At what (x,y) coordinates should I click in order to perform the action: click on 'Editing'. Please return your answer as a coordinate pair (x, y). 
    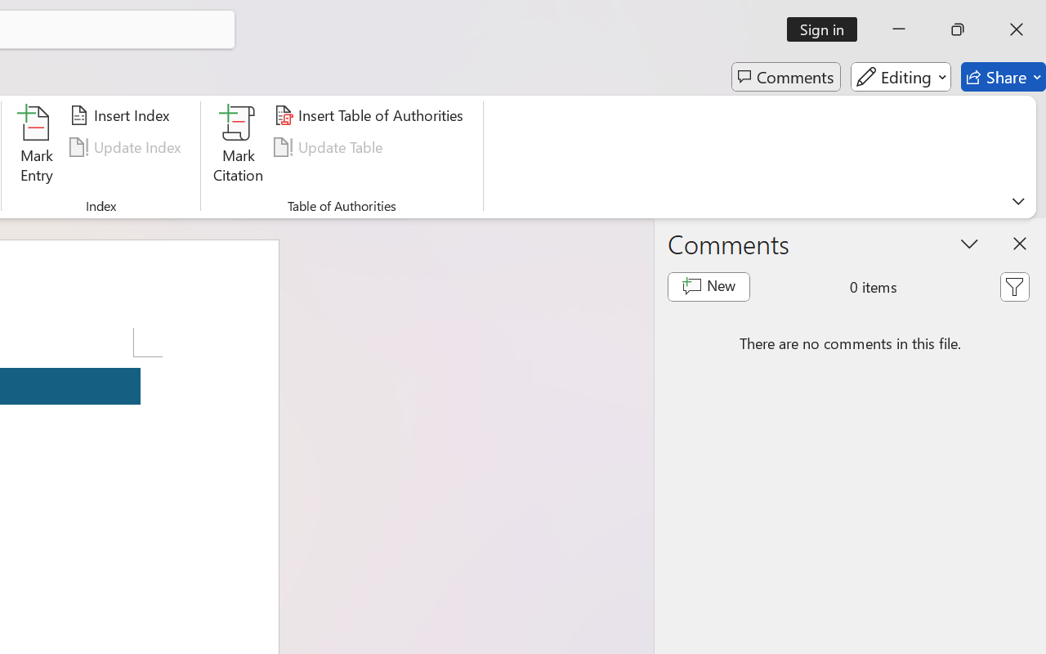
    Looking at the image, I should click on (900, 77).